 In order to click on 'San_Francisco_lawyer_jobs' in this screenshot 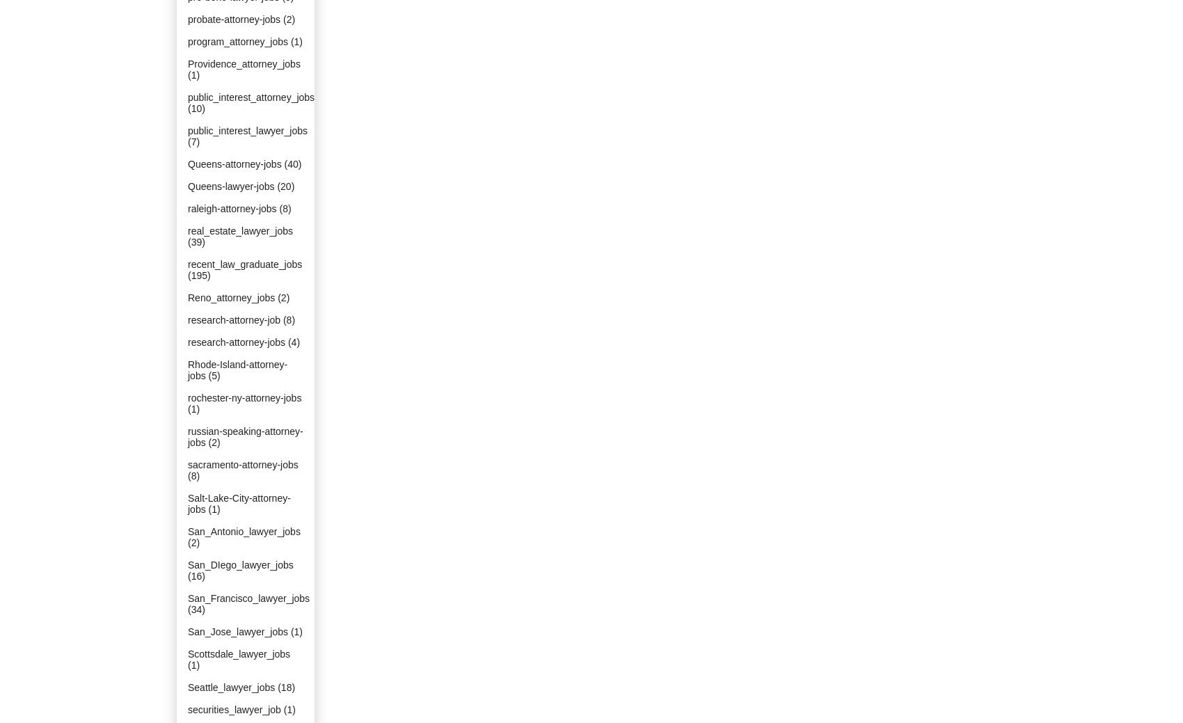, I will do `click(248, 597)`.